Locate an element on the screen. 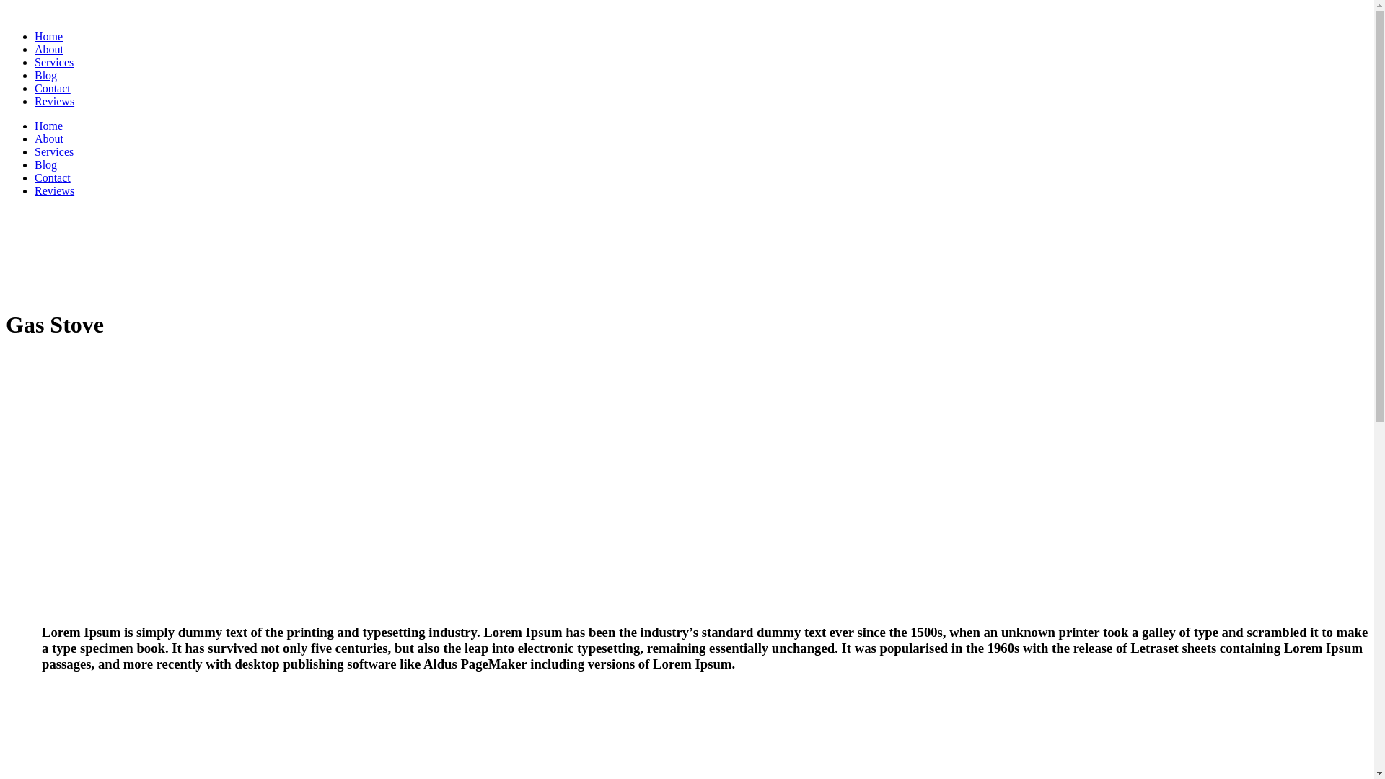 The height and width of the screenshot is (779, 1385). 'Services' is located at coordinates (54, 61).